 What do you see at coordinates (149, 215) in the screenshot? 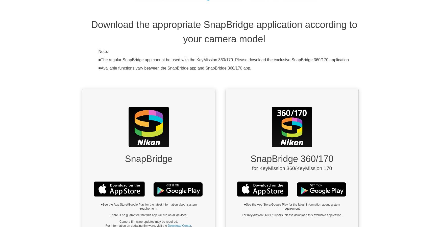
I see `'There is no guarantee that this app will run on all devices.'` at bounding box center [149, 215].